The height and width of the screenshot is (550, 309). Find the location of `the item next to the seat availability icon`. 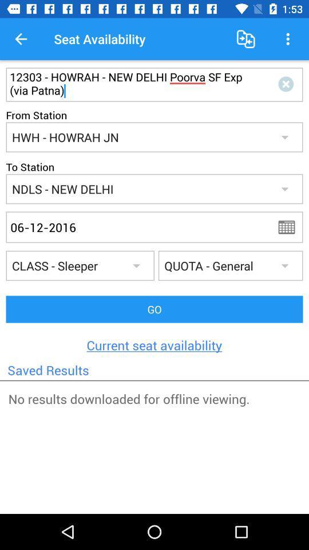

the item next to the seat availability icon is located at coordinates (21, 39).